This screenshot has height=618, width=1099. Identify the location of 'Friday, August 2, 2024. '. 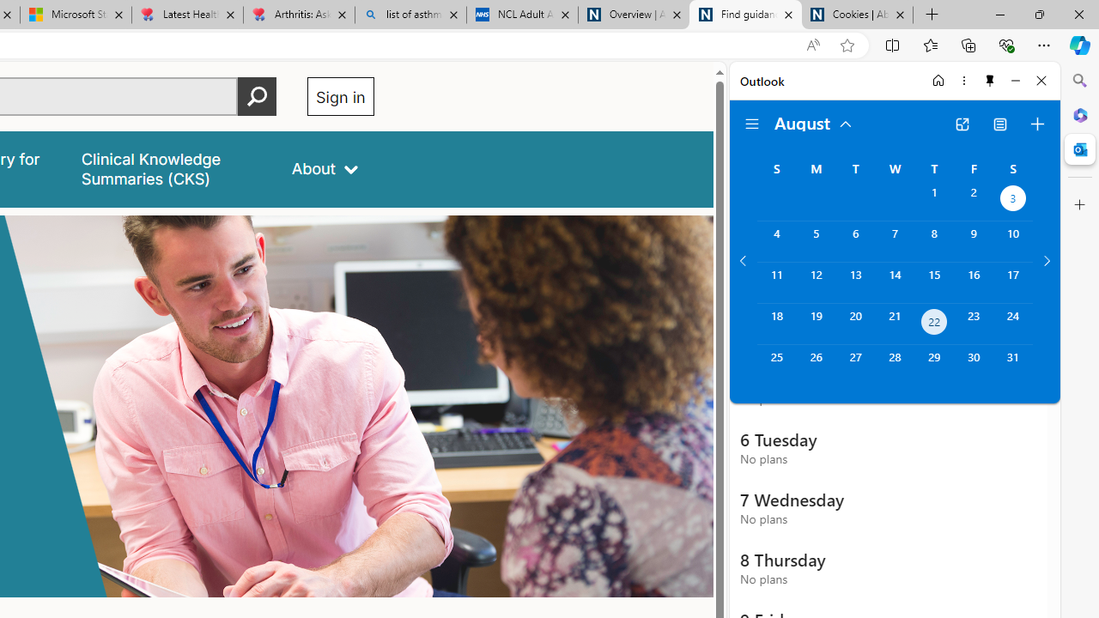
(974, 199).